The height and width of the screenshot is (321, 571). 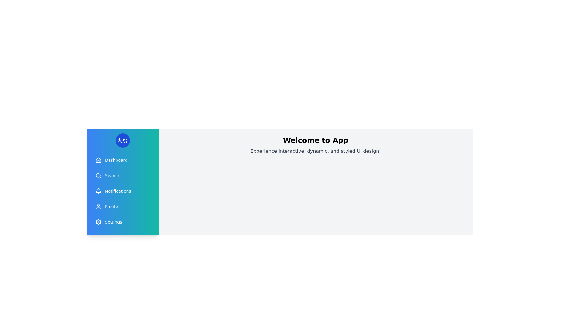 What do you see at coordinates (98, 191) in the screenshot?
I see `the icon corresponding to Notifications in the drawer` at bounding box center [98, 191].